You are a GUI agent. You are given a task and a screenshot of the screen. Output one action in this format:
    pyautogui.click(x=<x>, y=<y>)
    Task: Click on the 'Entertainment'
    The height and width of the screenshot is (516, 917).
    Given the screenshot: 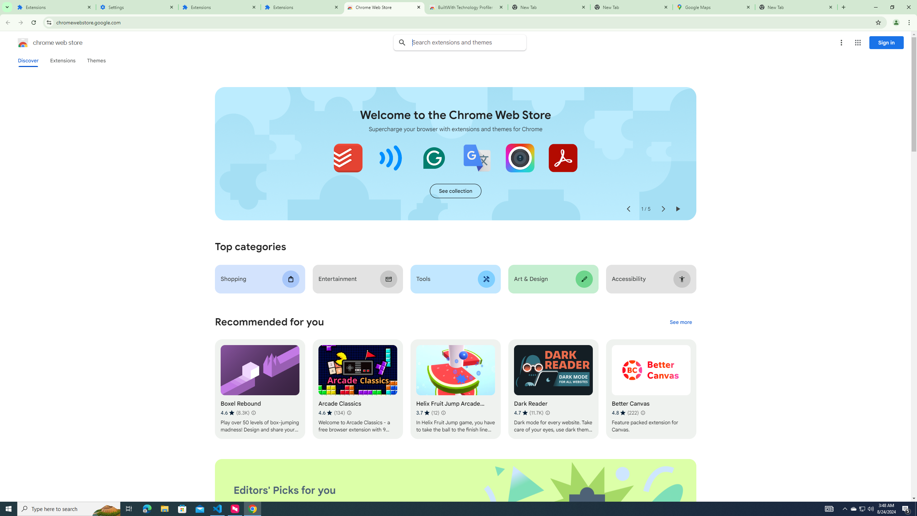 What is the action you would take?
    pyautogui.click(x=357, y=279)
    